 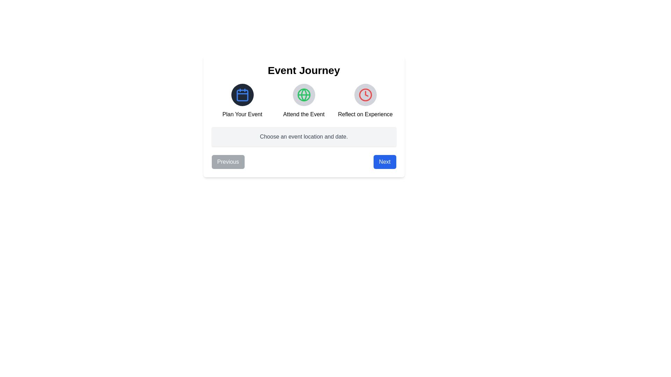 What do you see at coordinates (384, 162) in the screenshot?
I see `the Next button to navigate the Event Journey` at bounding box center [384, 162].